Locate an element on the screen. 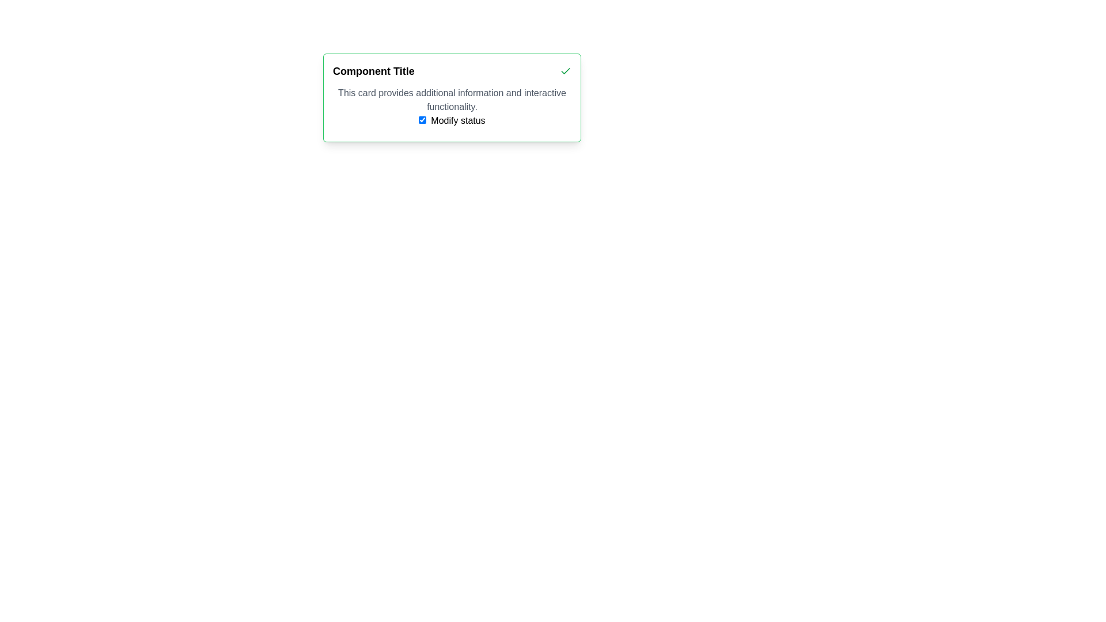 This screenshot has height=622, width=1106. text from the 'Component Title' label, which is styled in bold and large font, located in the top-left area of the card-like UI component is located at coordinates (373, 71).